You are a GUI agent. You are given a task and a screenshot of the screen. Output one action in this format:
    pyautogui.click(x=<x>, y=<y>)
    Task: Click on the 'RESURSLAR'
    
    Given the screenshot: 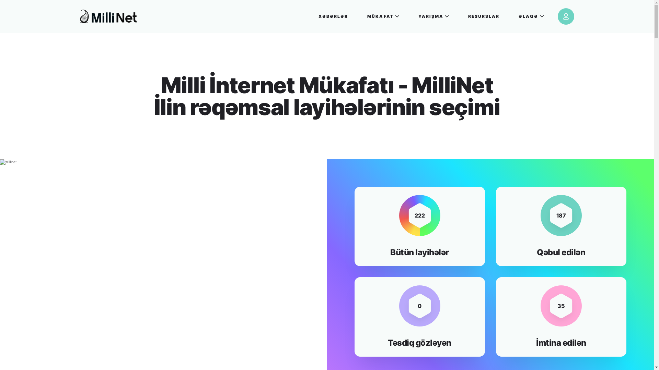 What is the action you would take?
    pyautogui.click(x=483, y=16)
    